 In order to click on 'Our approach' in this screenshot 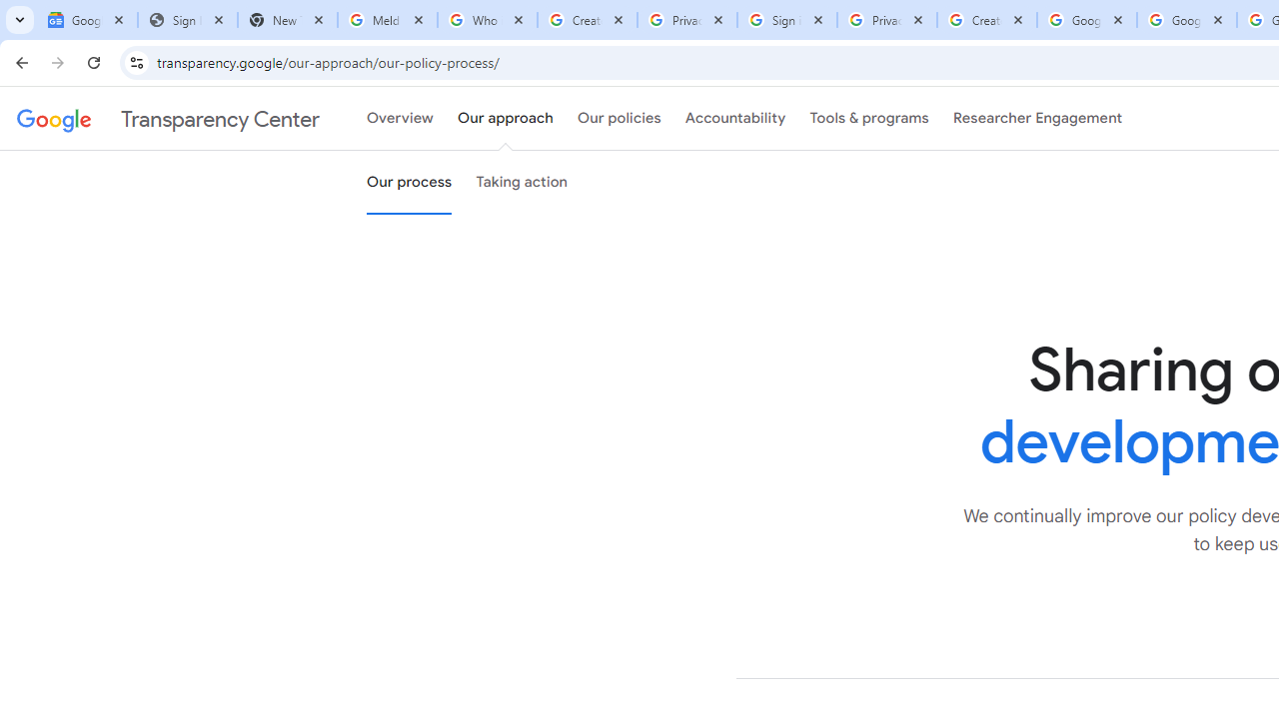, I will do `click(506, 119)`.